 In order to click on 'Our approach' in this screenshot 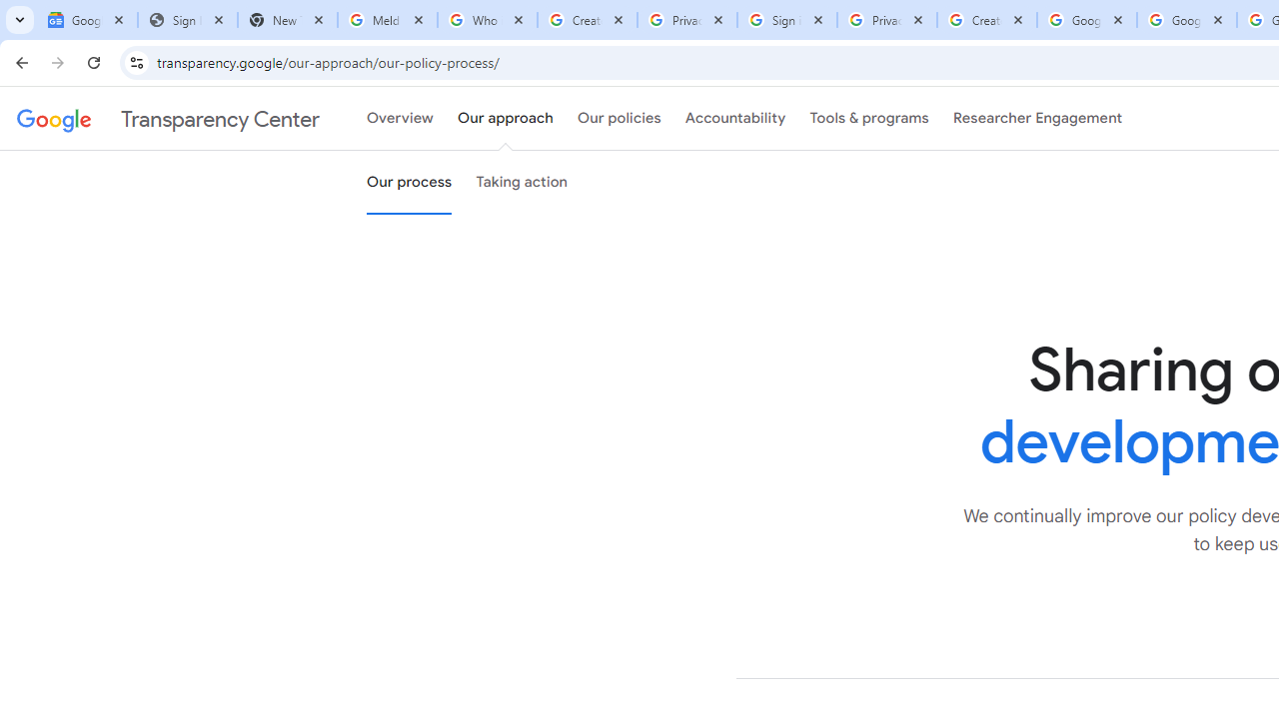, I will do `click(506, 119)`.